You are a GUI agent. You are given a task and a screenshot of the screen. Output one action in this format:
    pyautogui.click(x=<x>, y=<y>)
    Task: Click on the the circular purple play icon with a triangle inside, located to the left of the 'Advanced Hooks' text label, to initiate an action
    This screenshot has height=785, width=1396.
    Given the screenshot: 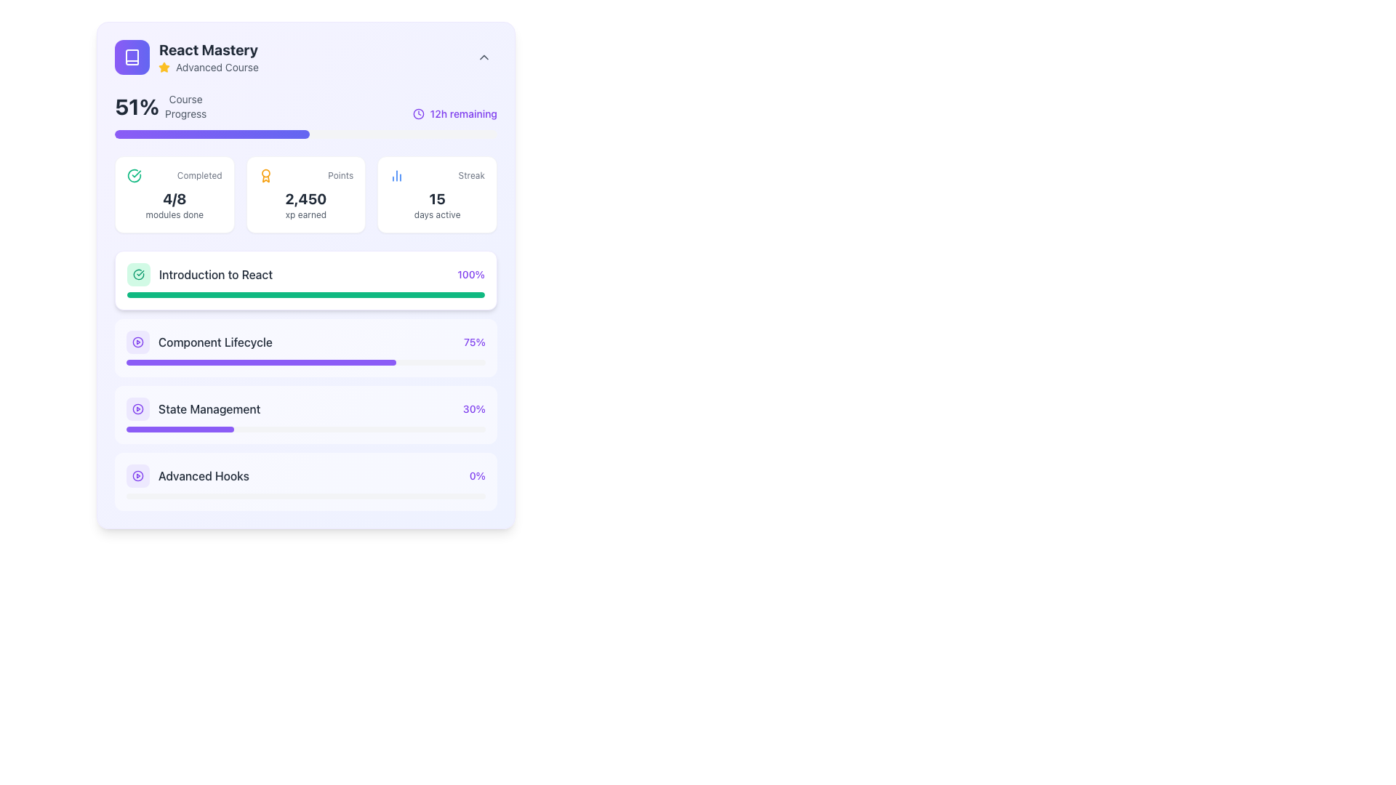 What is the action you would take?
    pyautogui.click(x=138, y=476)
    